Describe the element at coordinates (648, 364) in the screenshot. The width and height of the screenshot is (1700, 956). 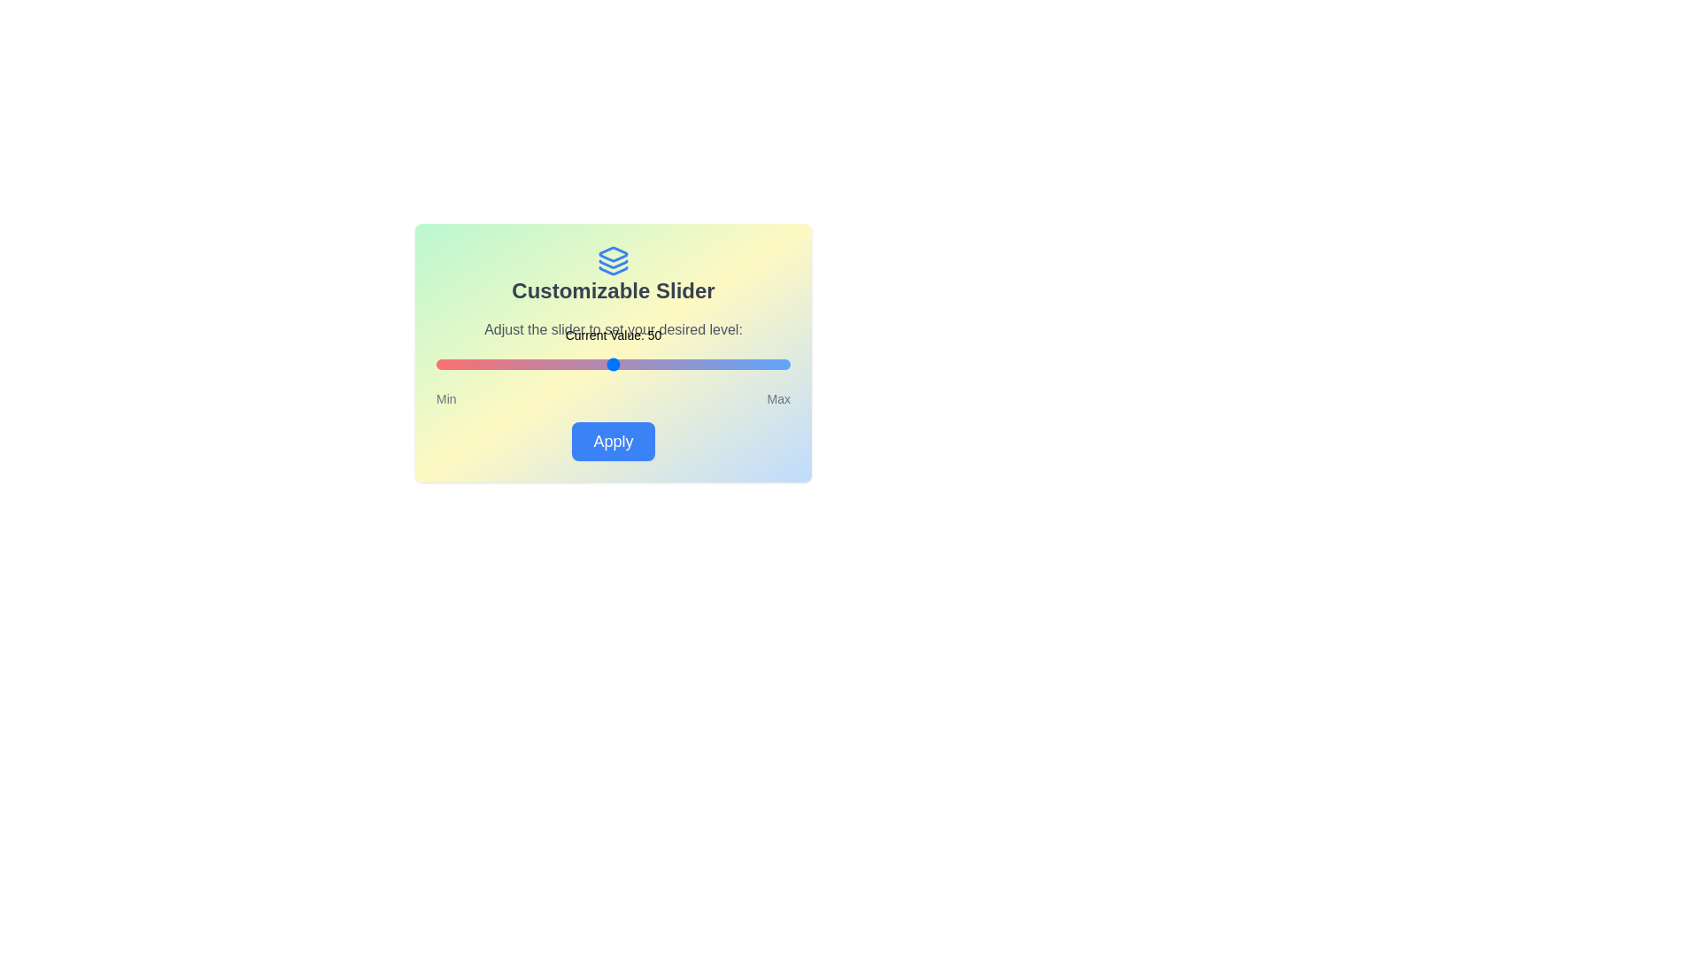
I see `the slider to set its value to 60` at that location.